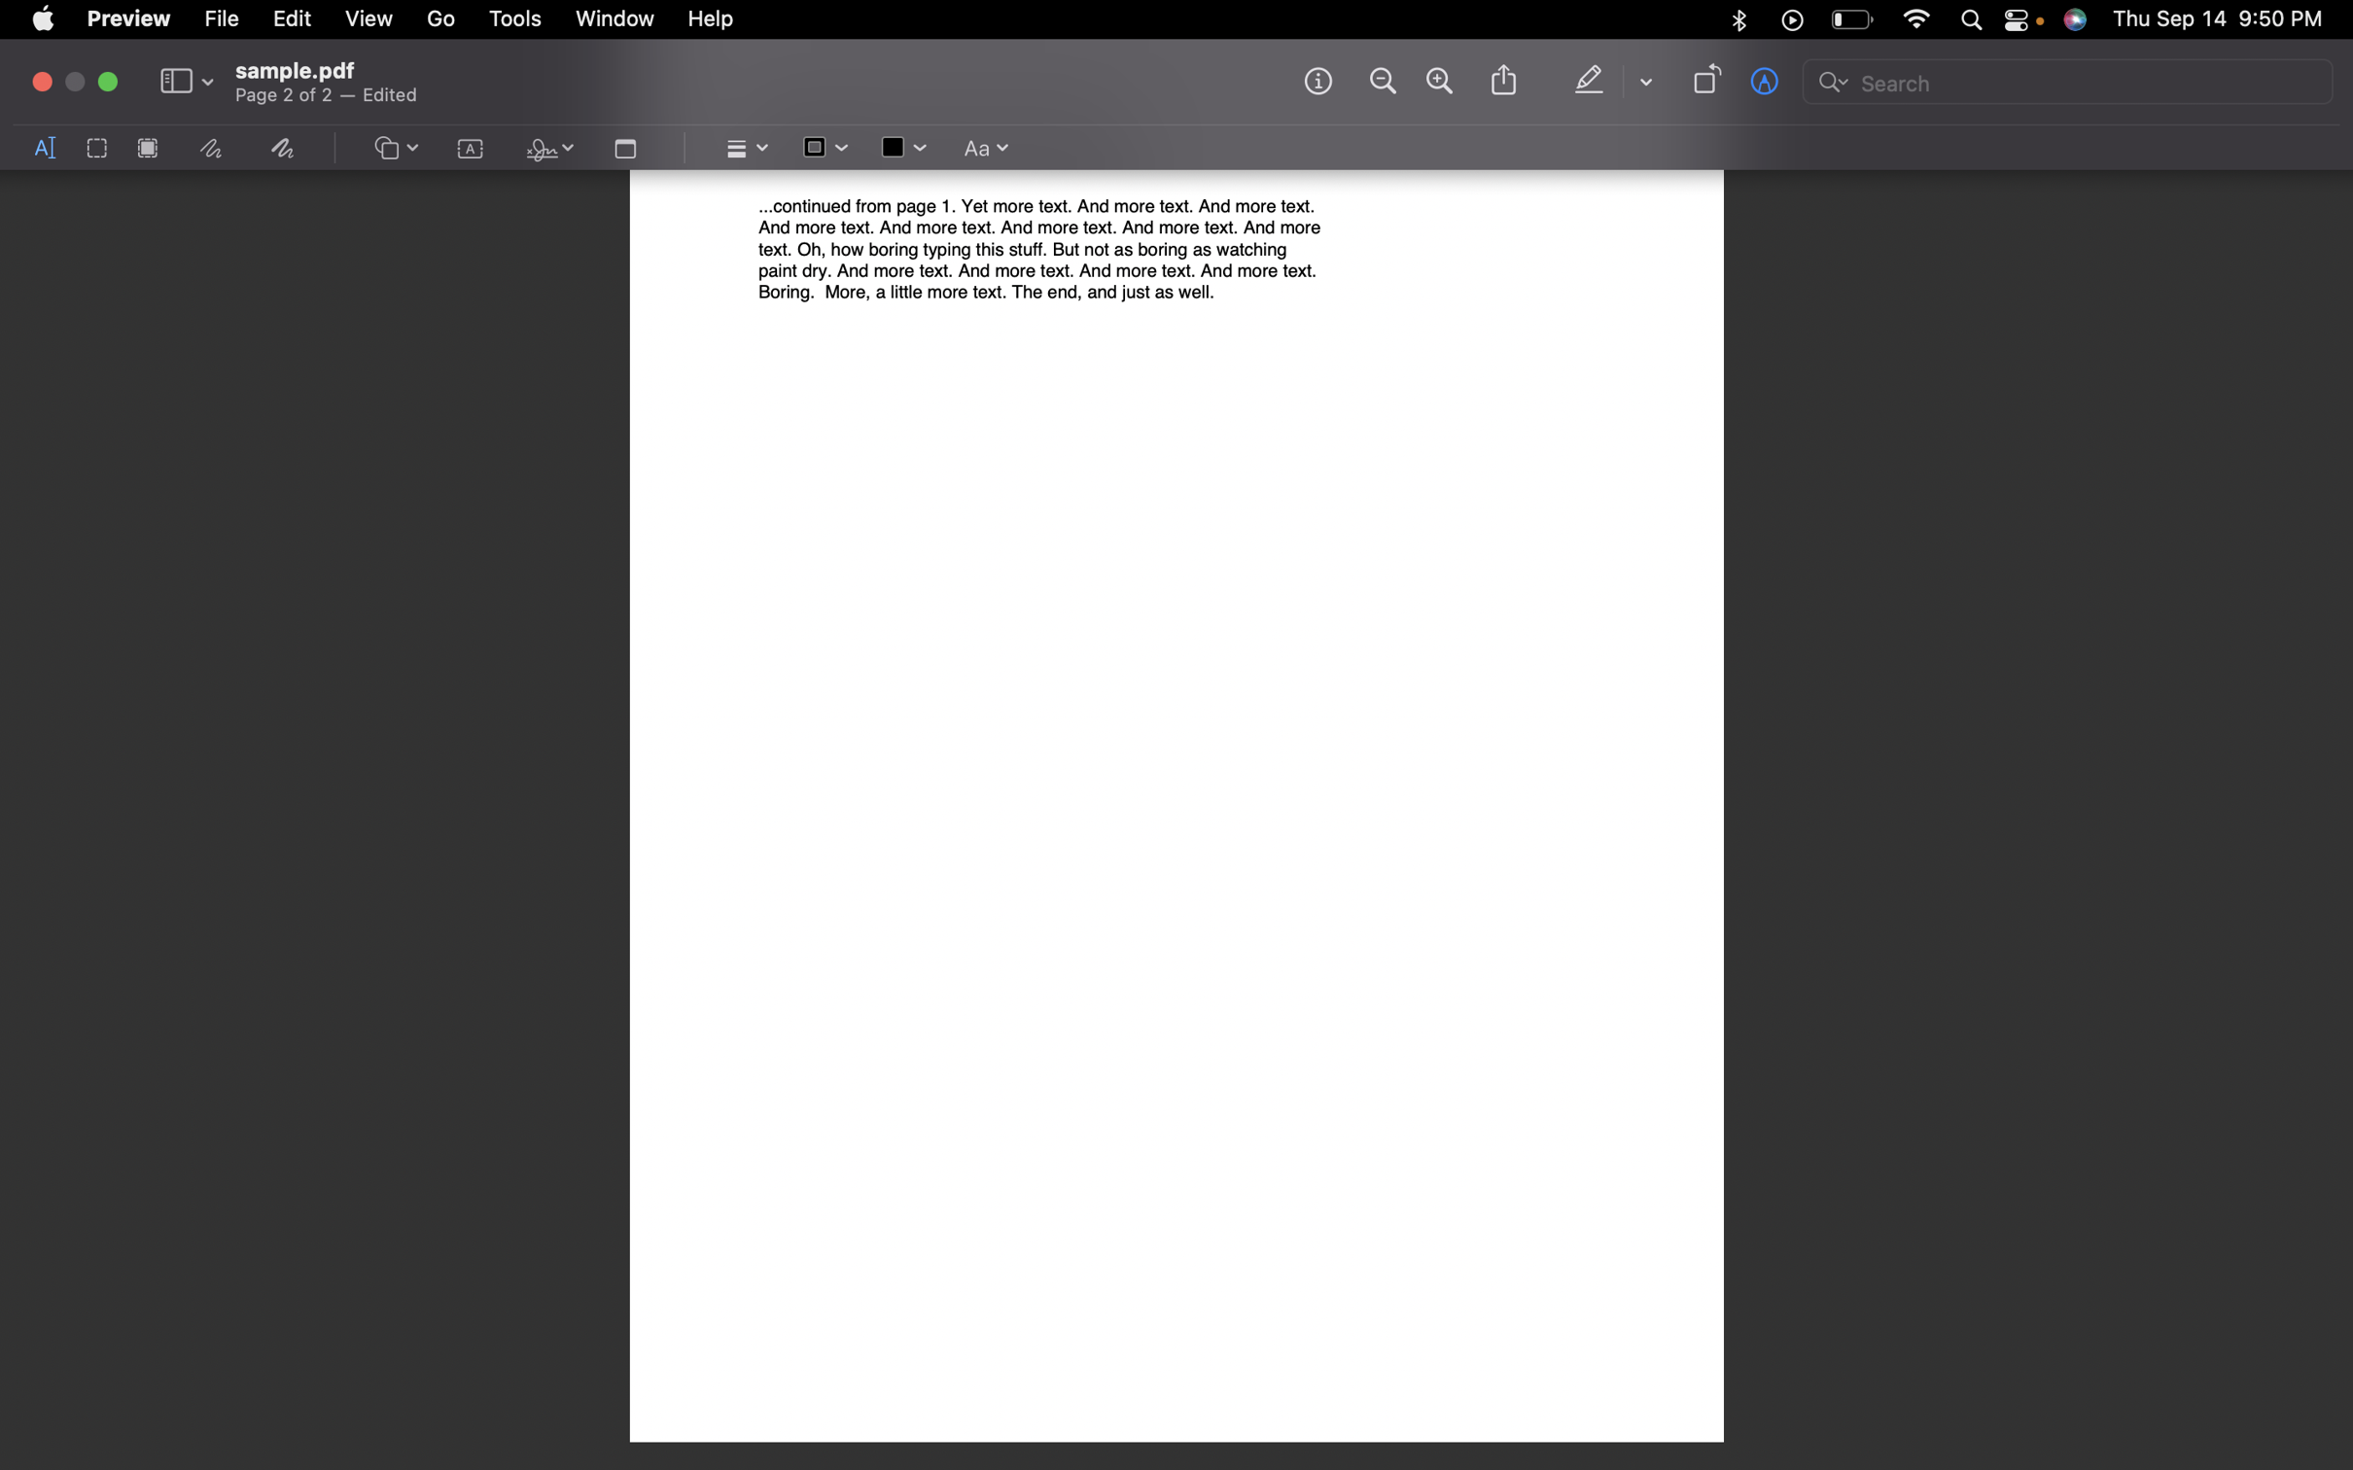 Image resolution: width=2353 pixels, height=1470 pixels. I want to click on Activate the signature tool, so click(545, 150).